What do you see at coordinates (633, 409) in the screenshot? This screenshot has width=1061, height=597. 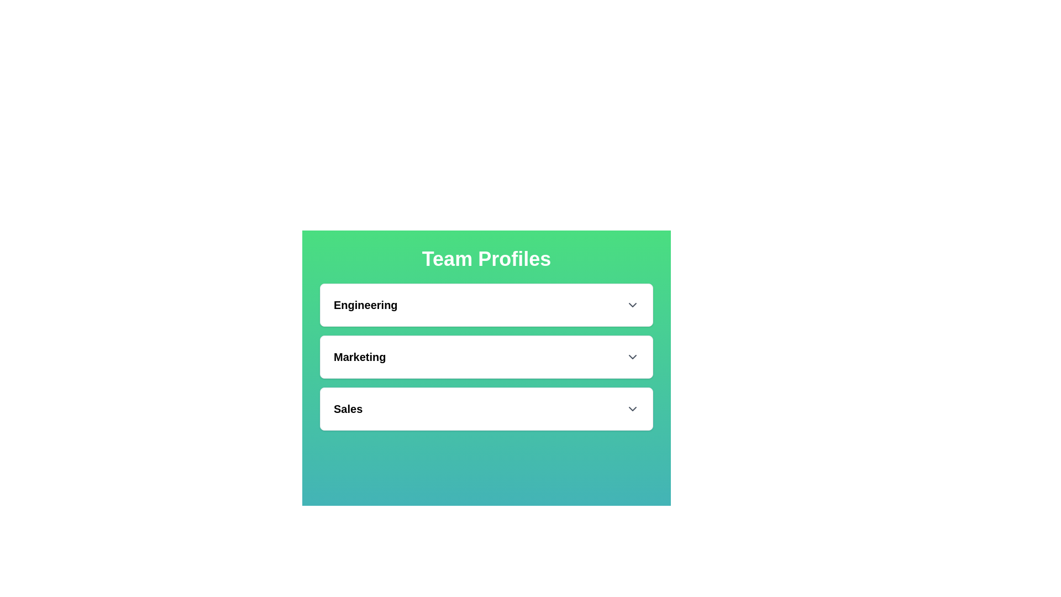 I see `the Dropdown Indicator Icon located at the far right of the 'Sales' row` at bounding box center [633, 409].